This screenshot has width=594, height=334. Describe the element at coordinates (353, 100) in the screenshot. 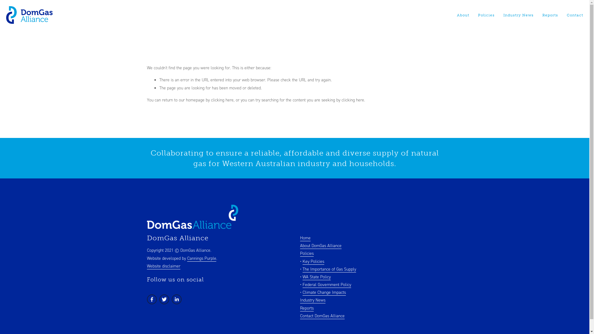

I see `'clicking here'` at that location.